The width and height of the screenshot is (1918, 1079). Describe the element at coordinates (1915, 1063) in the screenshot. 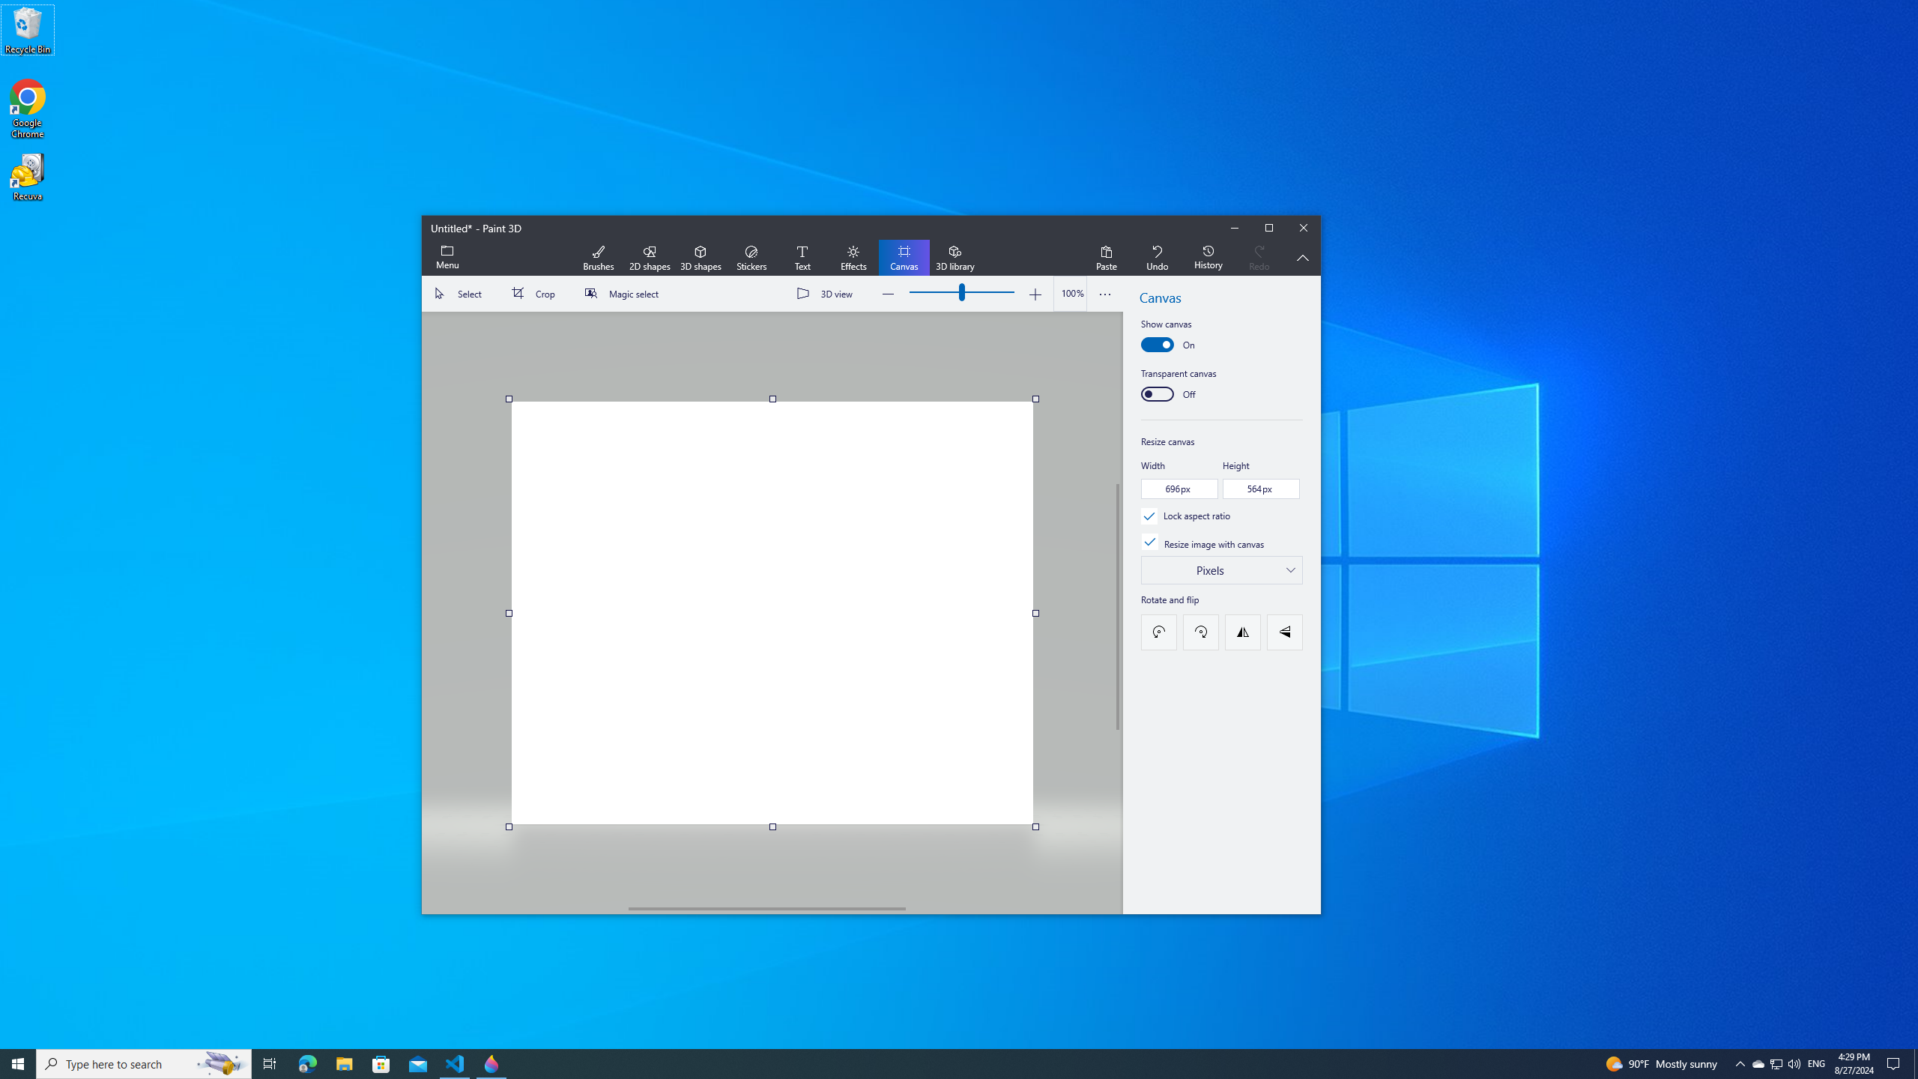

I see `'Show desktop'` at that location.